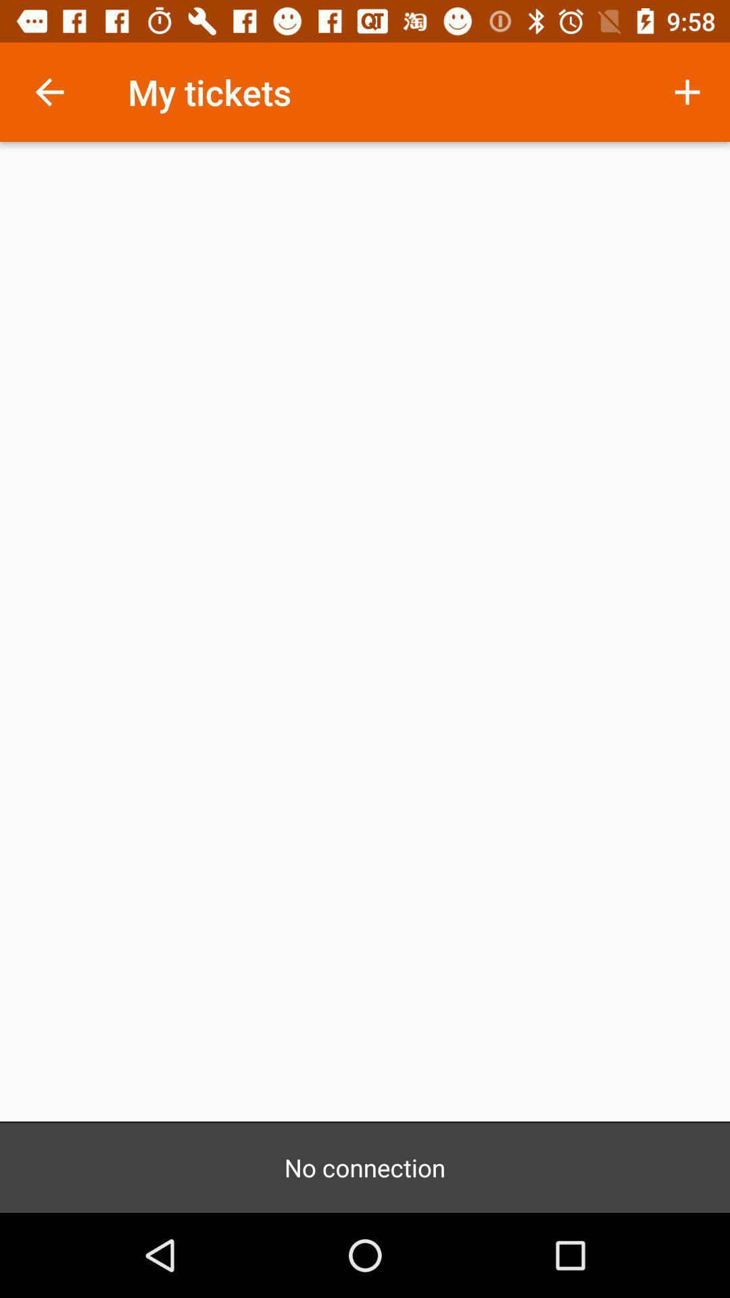  What do you see at coordinates (687, 91) in the screenshot?
I see `icon next to the my tickets` at bounding box center [687, 91].